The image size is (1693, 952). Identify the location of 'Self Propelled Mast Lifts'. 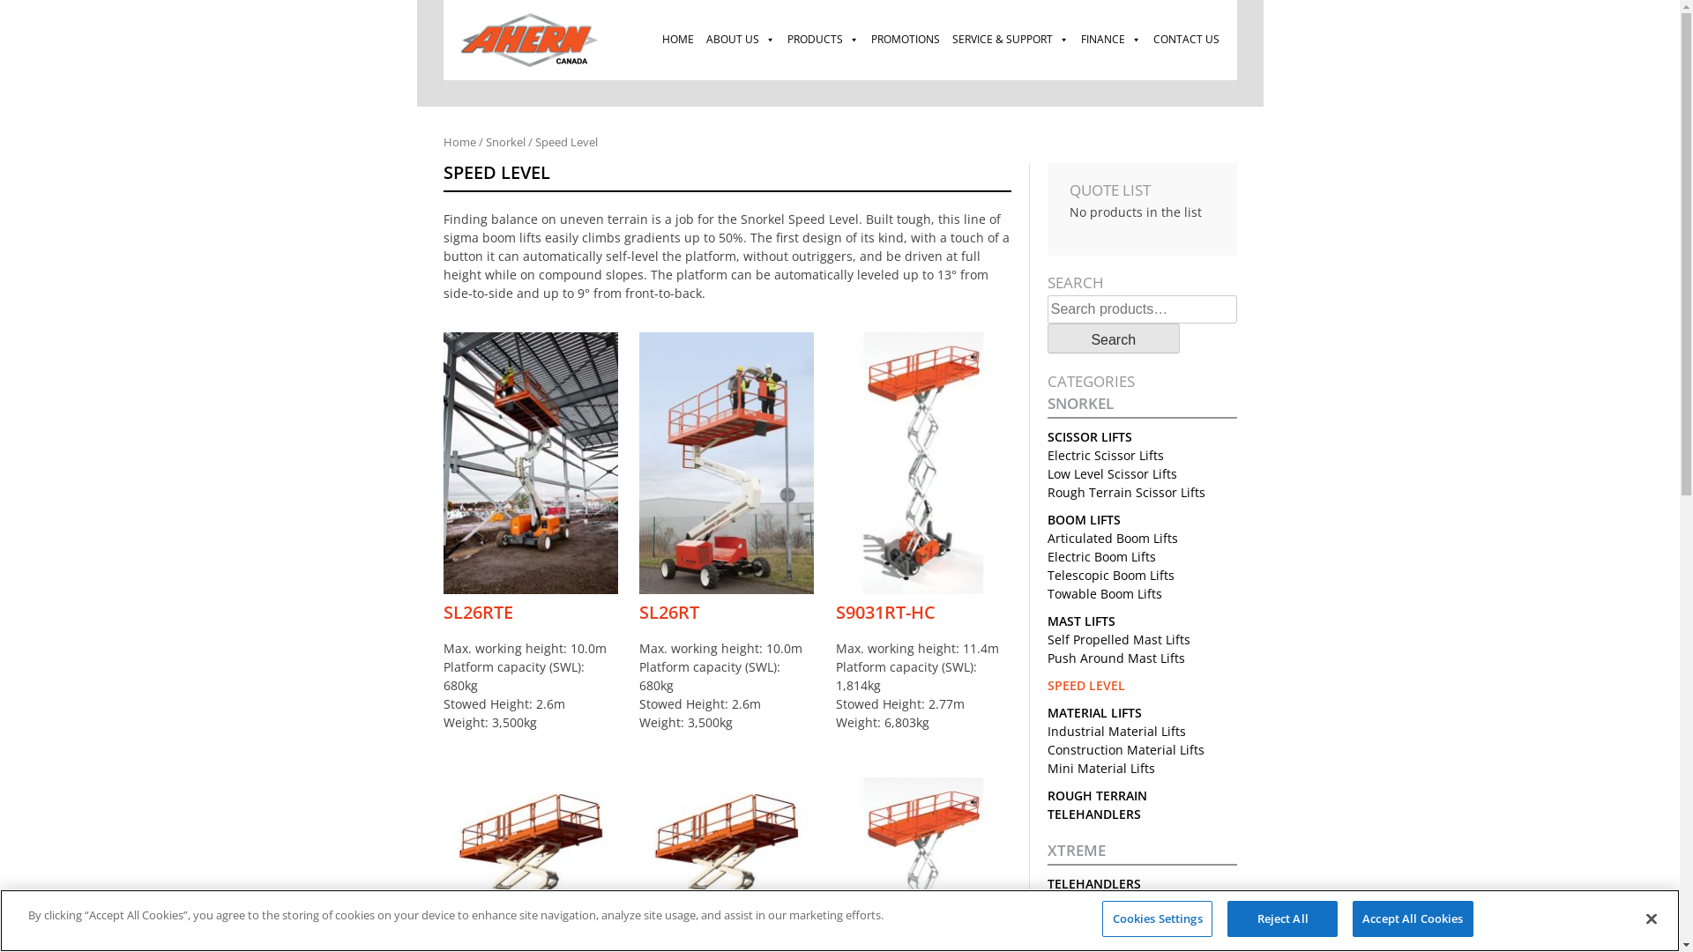
(1117, 639).